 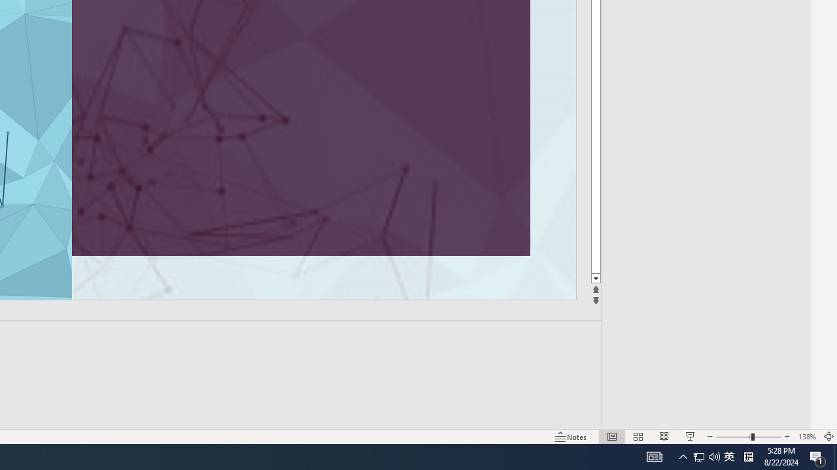 I want to click on 'Zoom 138%', so click(x=806, y=437).